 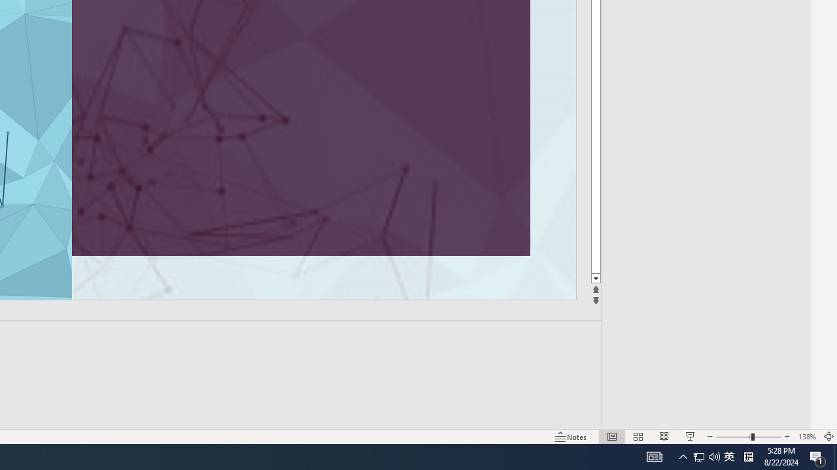 I want to click on 'Zoom 138%', so click(x=806, y=437).